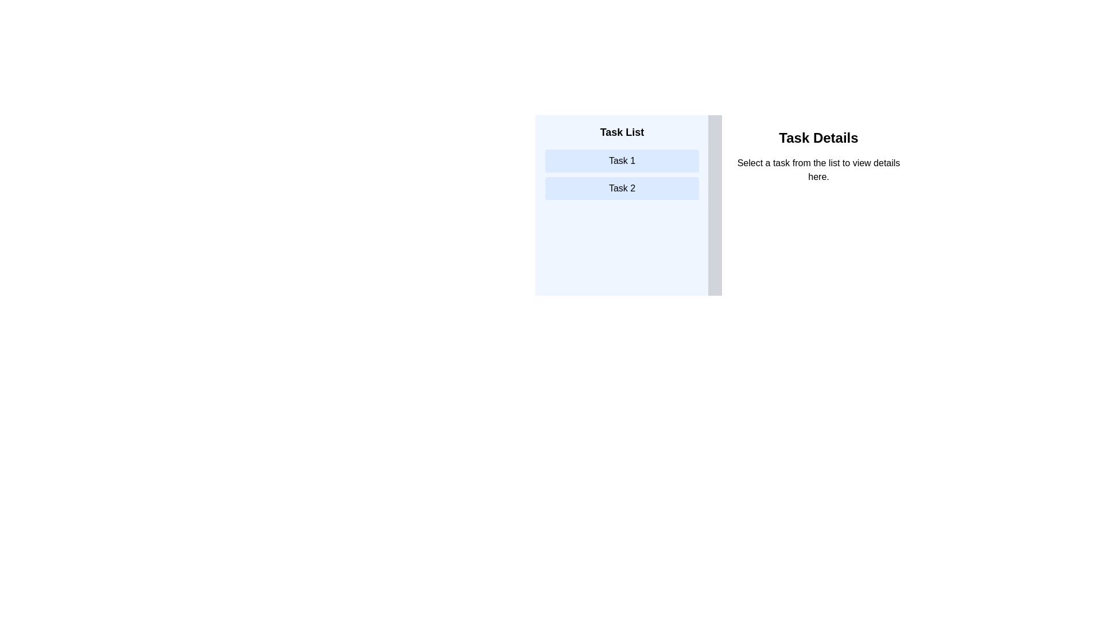 The height and width of the screenshot is (619, 1102). Describe the element at coordinates (818, 137) in the screenshot. I see `the Text Header element located at the top of the right pane, which serves as the title for the task details section` at that location.